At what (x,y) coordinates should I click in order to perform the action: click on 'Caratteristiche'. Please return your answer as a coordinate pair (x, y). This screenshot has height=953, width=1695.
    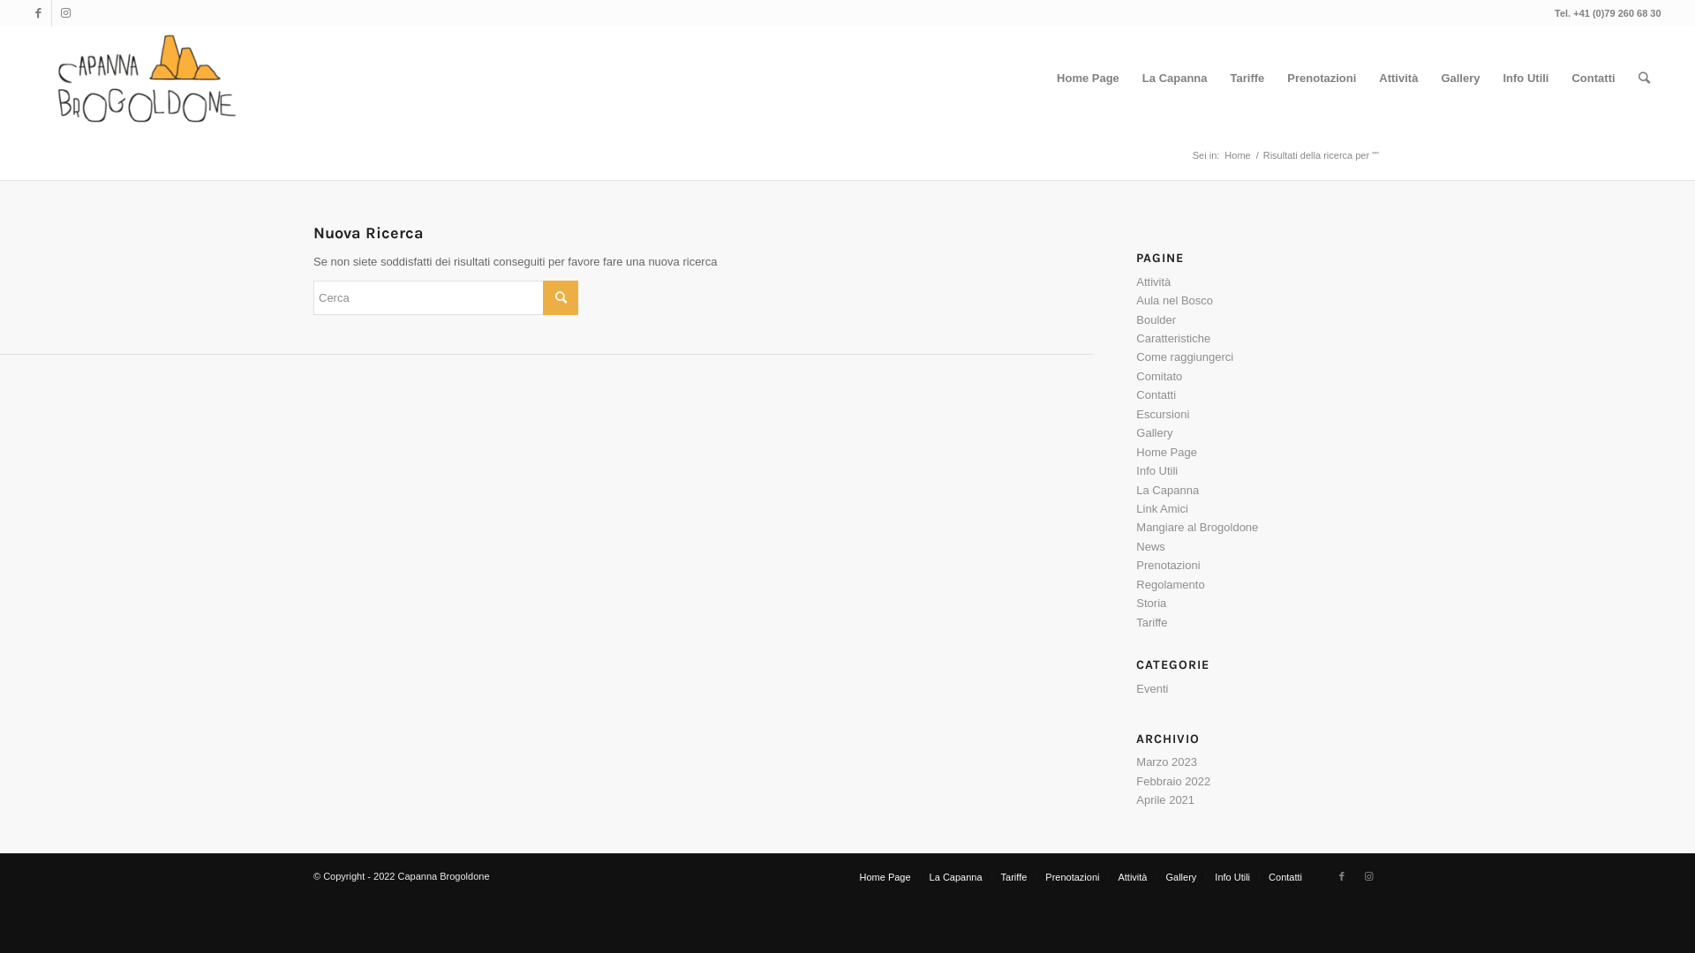
    Looking at the image, I should click on (1173, 338).